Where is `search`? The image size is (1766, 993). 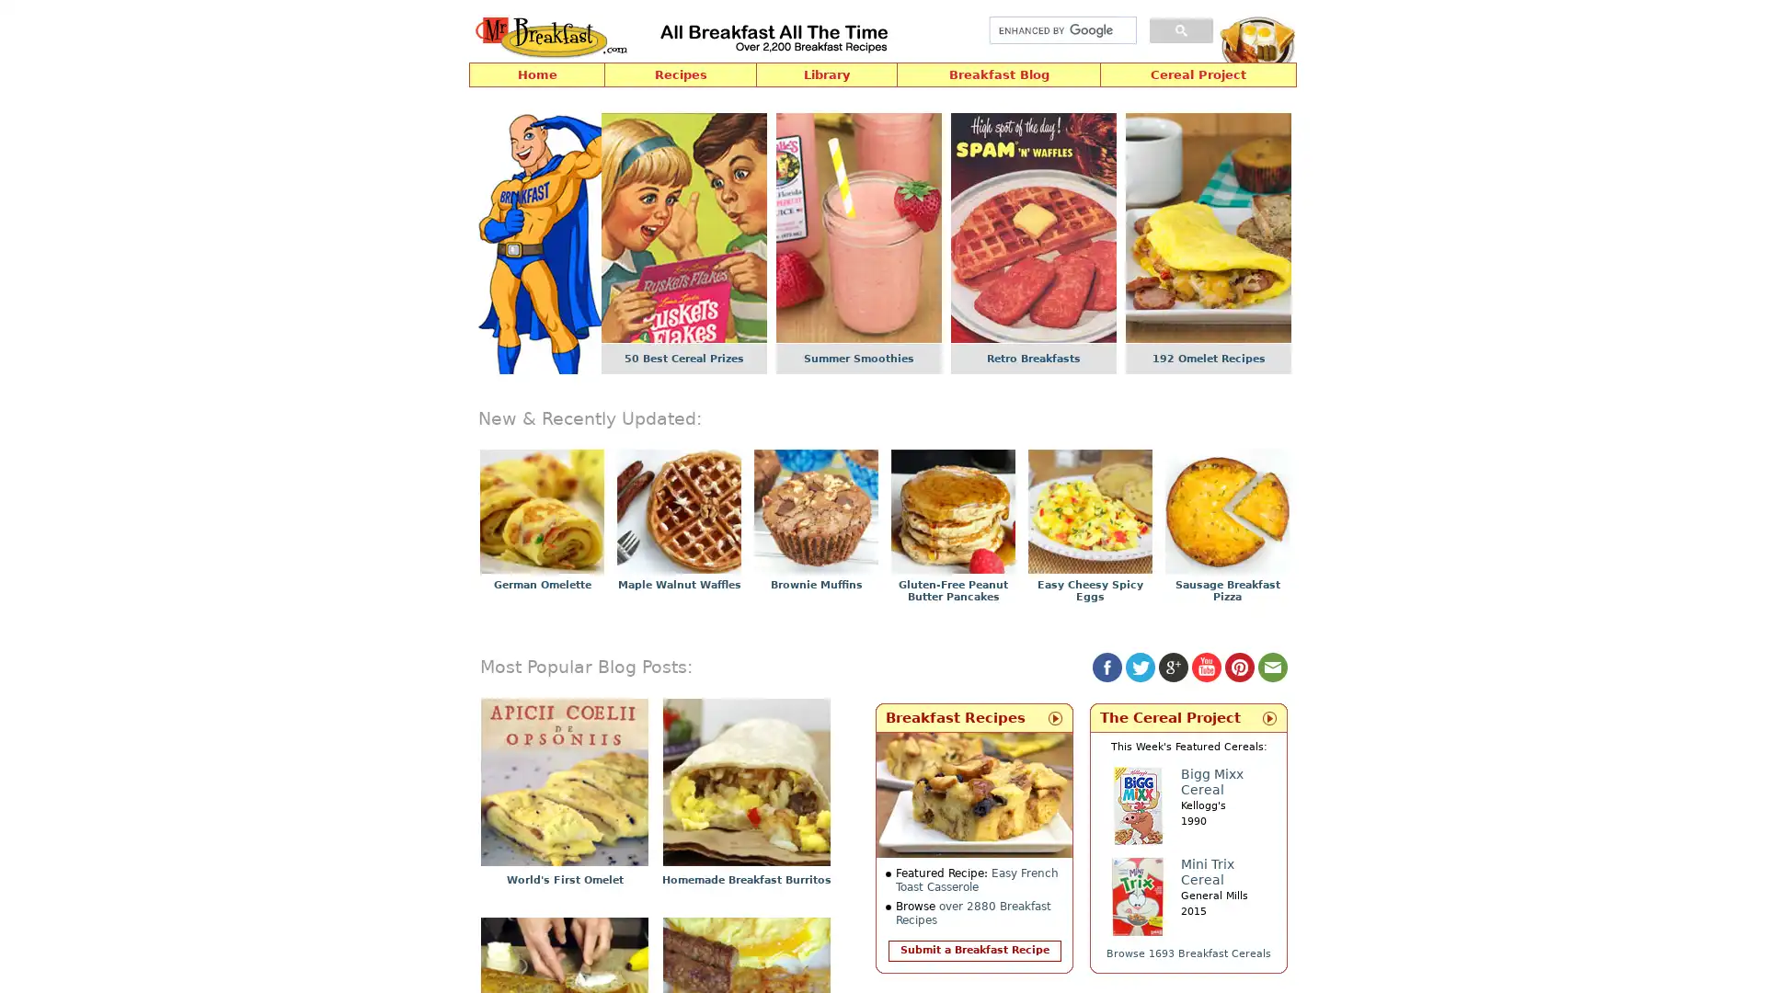 search is located at coordinates (1181, 29).